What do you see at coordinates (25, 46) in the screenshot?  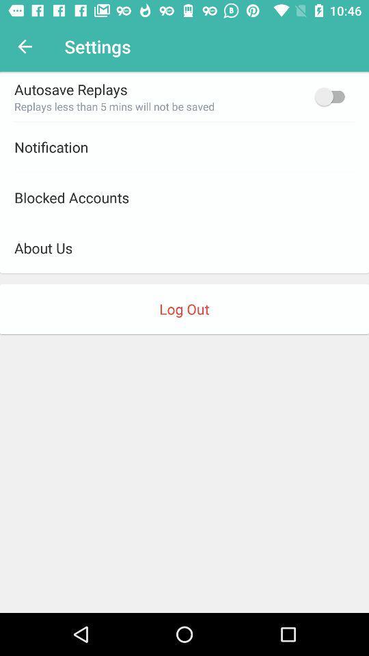 I see `item to the left of settings item` at bounding box center [25, 46].